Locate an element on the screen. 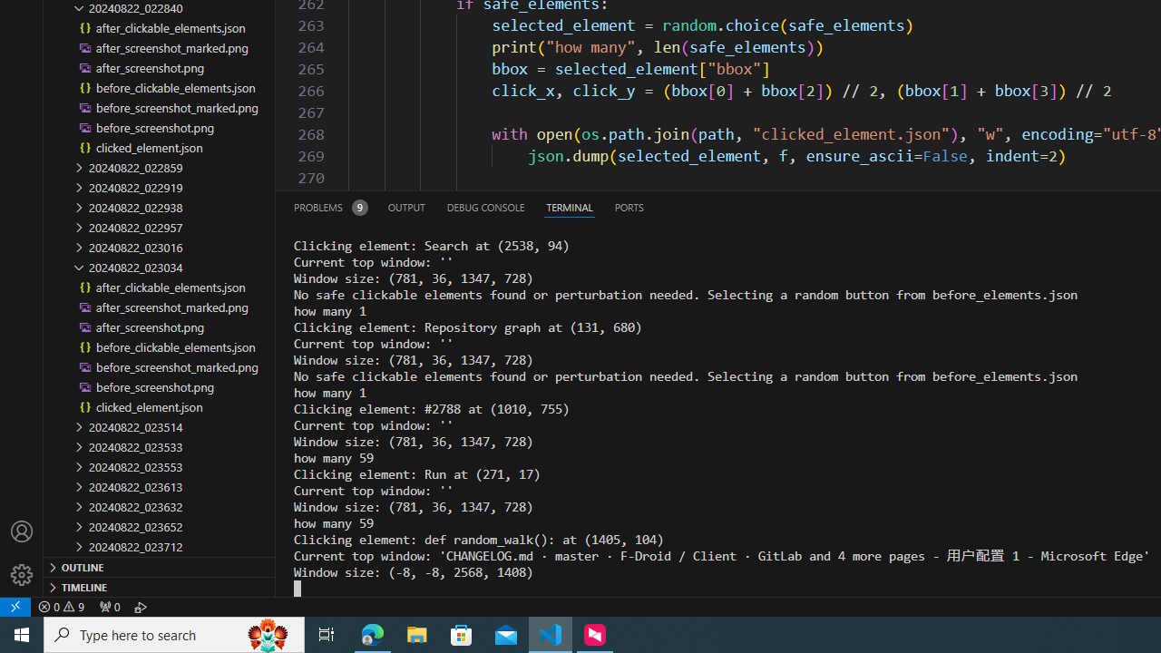 Image resolution: width=1161 pixels, height=653 pixels. 'Timeline Section' is located at coordinates (160, 586).